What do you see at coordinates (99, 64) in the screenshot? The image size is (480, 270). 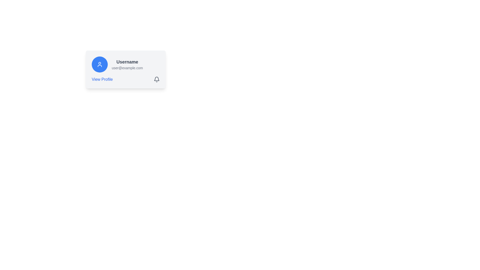 I see `the circular blue icon button with a white user icon in the center for user-related actions` at bounding box center [99, 64].